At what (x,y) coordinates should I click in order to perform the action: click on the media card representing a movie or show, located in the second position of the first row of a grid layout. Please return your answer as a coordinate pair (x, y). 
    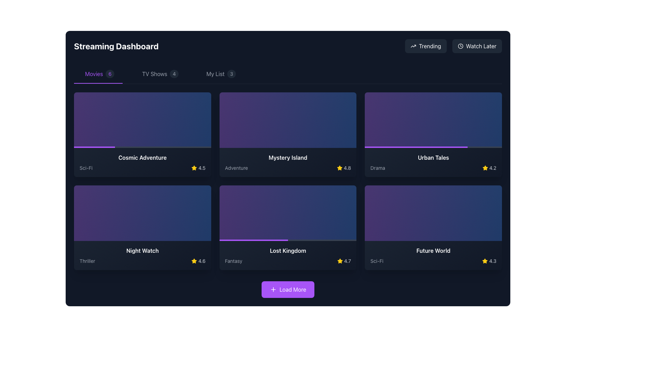
    Looking at the image, I should click on (288, 135).